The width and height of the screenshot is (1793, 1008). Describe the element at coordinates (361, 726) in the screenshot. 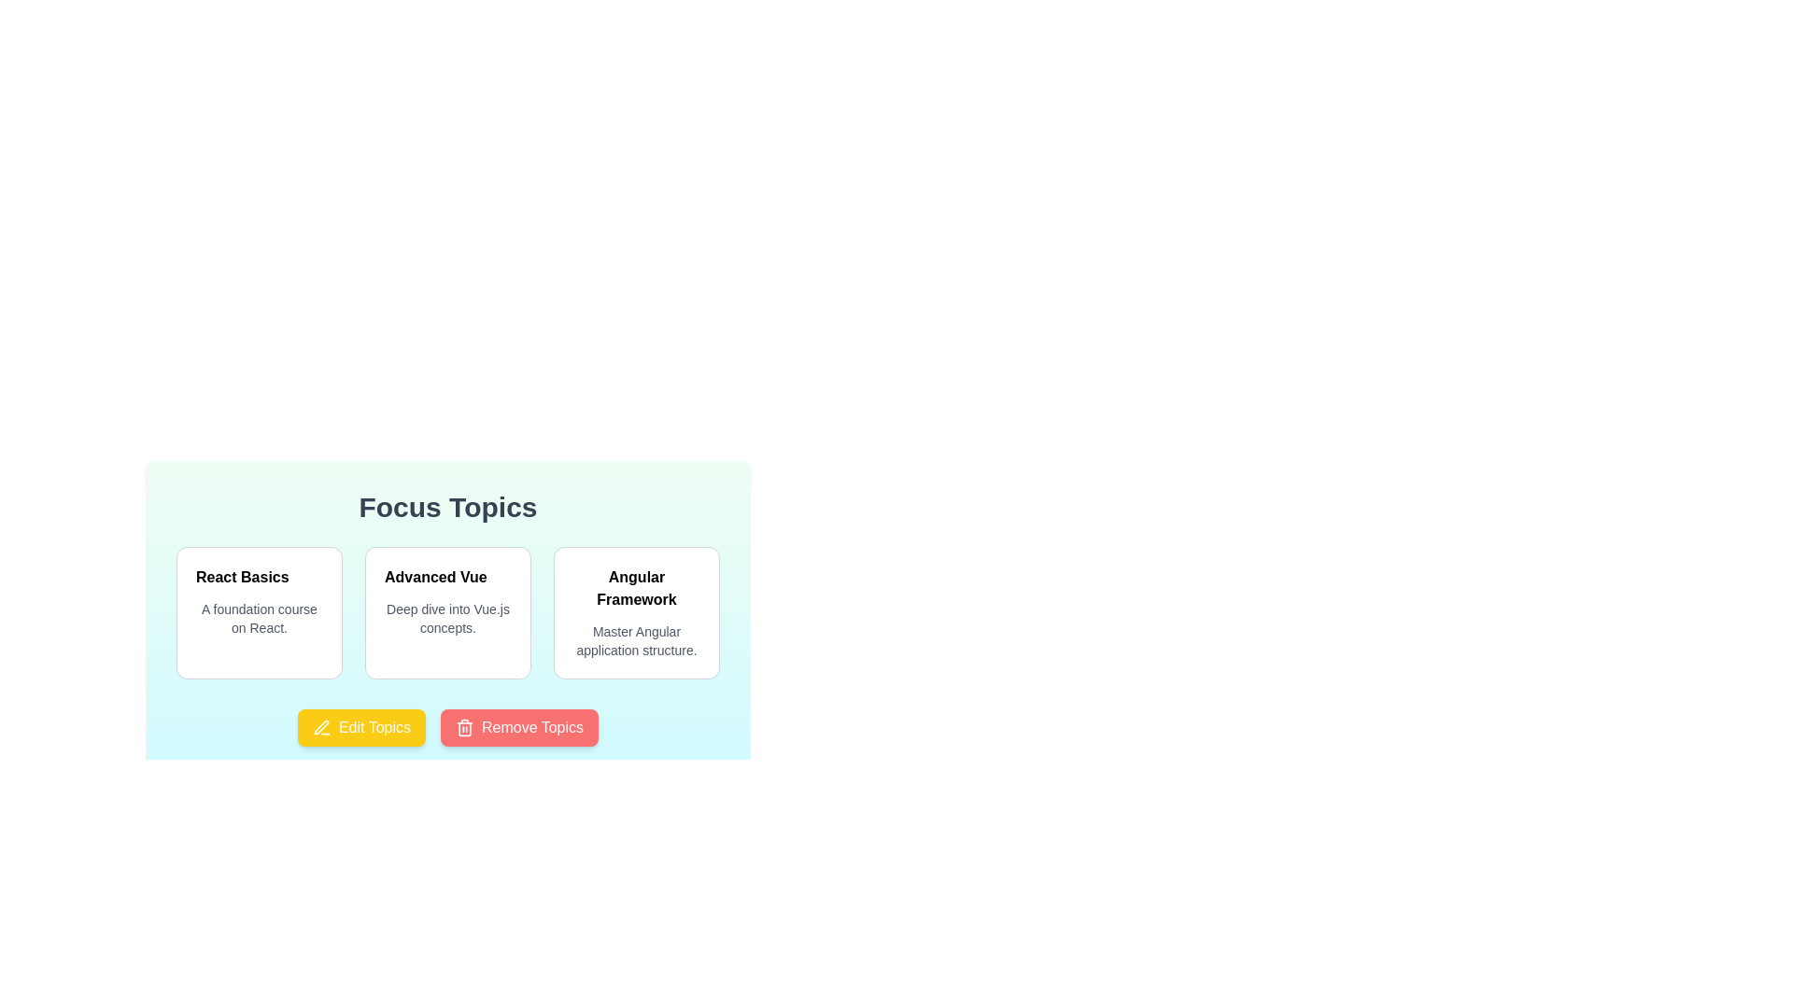

I see `the 'Edit Topics' button` at that location.